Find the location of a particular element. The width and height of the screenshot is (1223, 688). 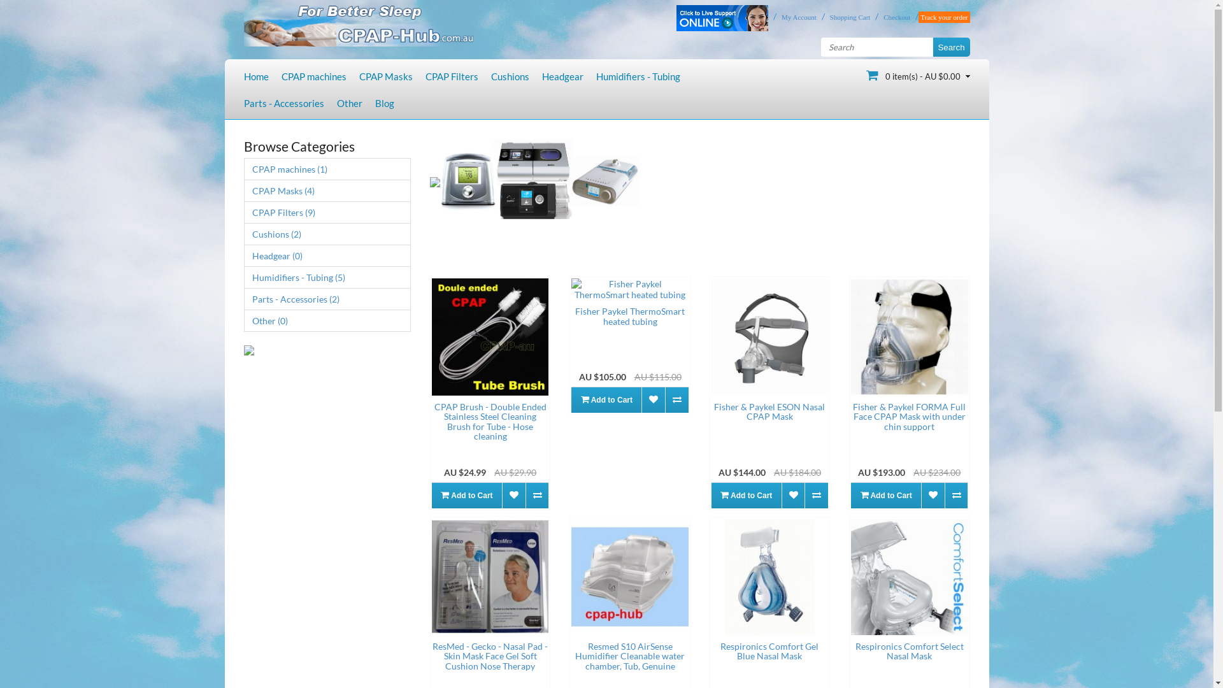

'Search' is located at coordinates (950, 46).